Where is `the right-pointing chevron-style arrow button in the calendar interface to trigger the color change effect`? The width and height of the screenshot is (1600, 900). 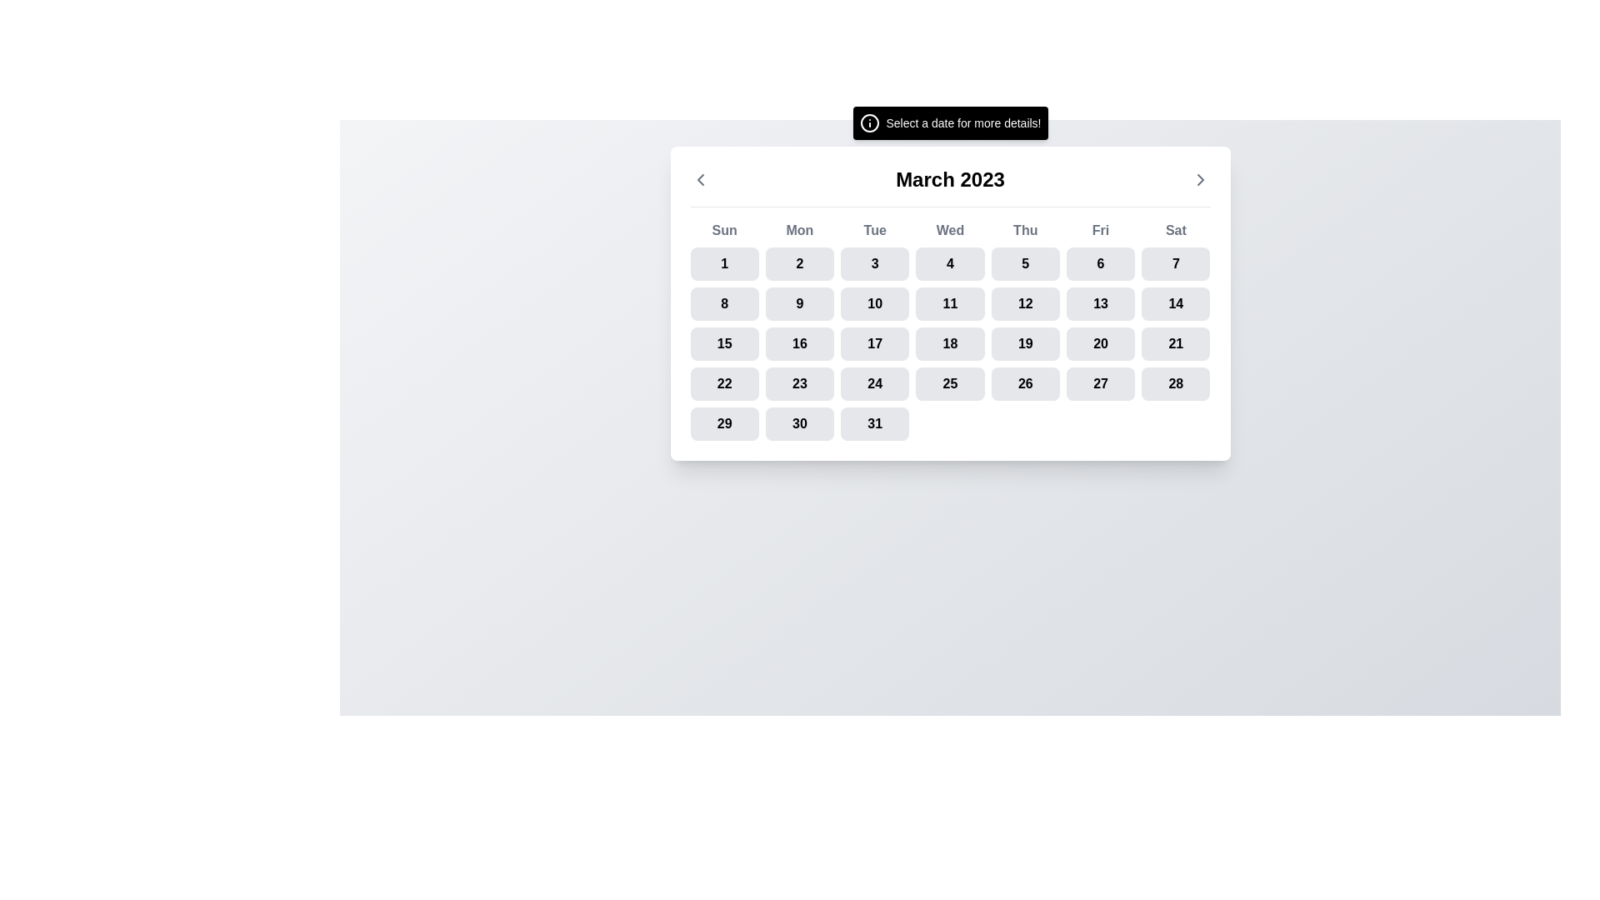 the right-pointing chevron-style arrow button in the calendar interface to trigger the color change effect is located at coordinates (1200, 180).